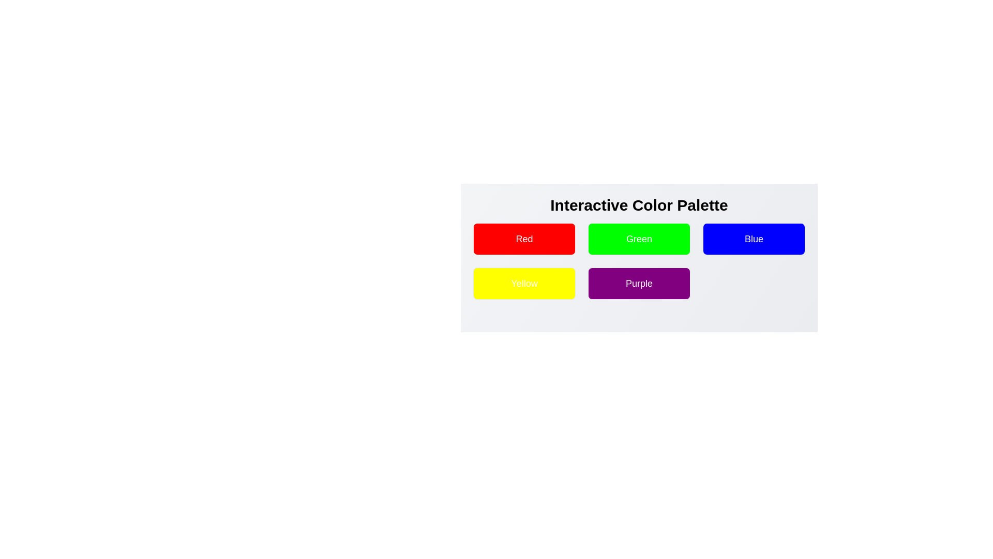  What do you see at coordinates (639, 239) in the screenshot?
I see `the 'Green' label in the Interactive Color Palette, which is the second button in its row, located between the 'Red' and 'Blue' buttons` at bounding box center [639, 239].